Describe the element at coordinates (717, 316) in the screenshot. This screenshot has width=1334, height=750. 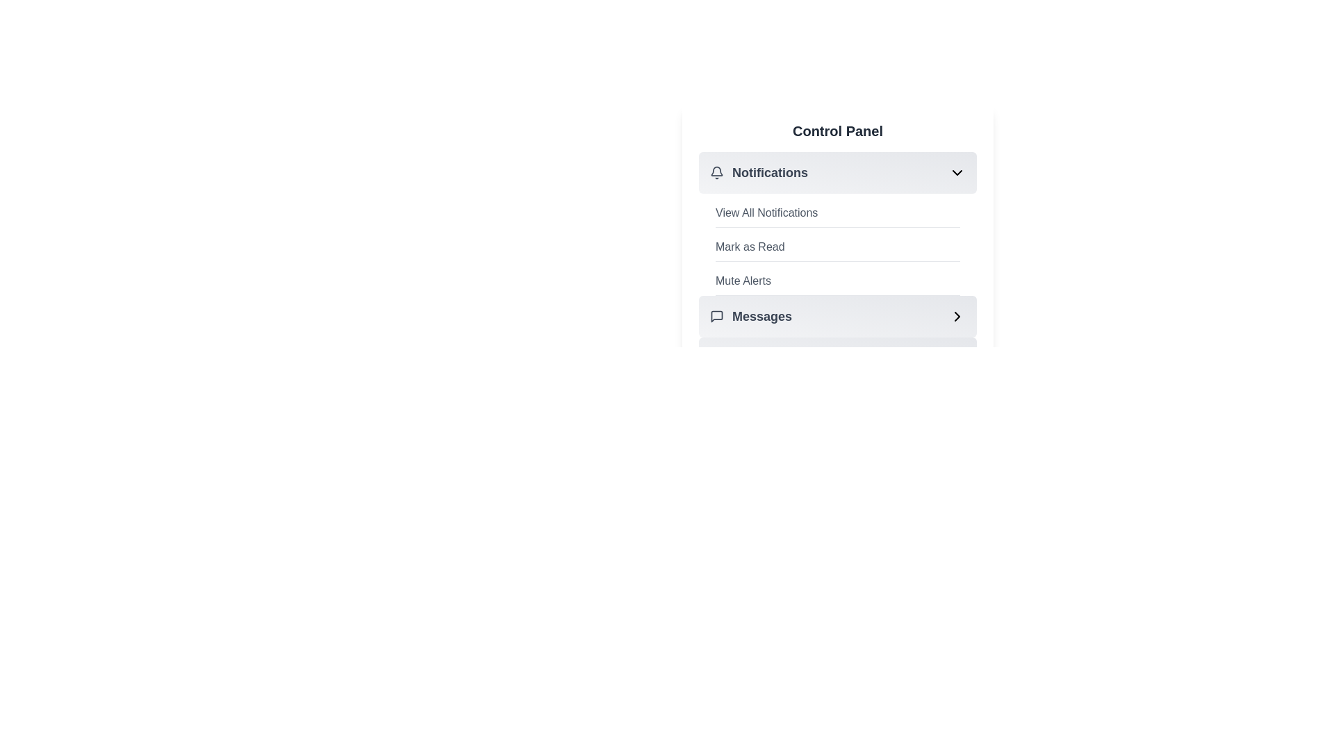
I see `the 'Messages' icon element, which is visually represented and positioned to the left of the text 'Messages'` at that location.